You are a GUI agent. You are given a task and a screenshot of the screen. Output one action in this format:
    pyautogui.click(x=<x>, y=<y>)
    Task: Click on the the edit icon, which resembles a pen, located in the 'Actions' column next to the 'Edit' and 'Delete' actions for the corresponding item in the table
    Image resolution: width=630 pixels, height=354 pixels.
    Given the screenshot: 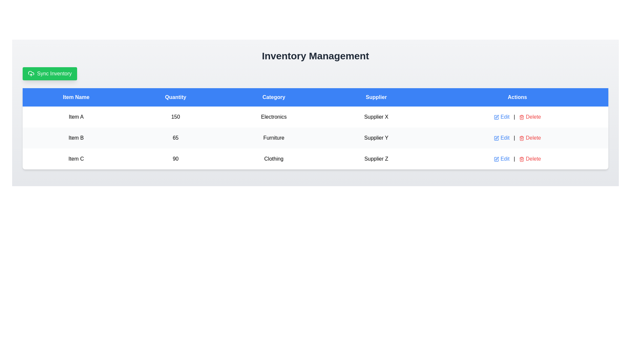 What is the action you would take?
    pyautogui.click(x=497, y=158)
    